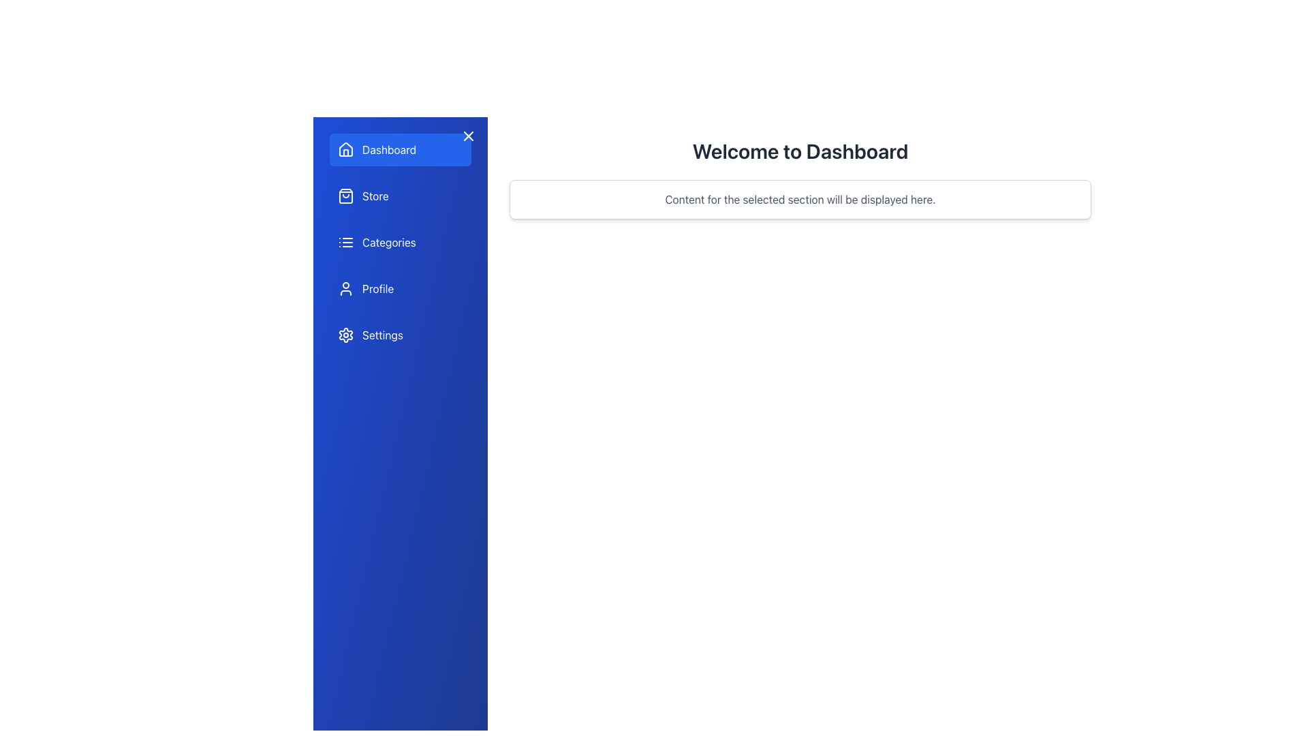  What do you see at coordinates (346, 241) in the screenshot?
I see `the list view icon` at bounding box center [346, 241].